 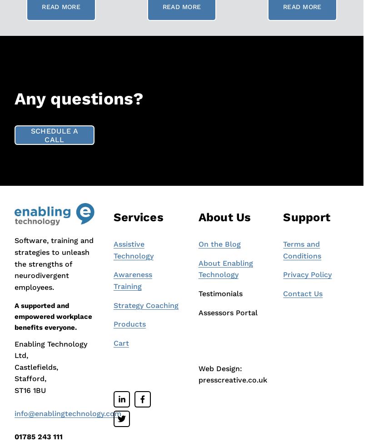 I want to click on 'Web Design: presscreative.co.uk', so click(x=232, y=373).